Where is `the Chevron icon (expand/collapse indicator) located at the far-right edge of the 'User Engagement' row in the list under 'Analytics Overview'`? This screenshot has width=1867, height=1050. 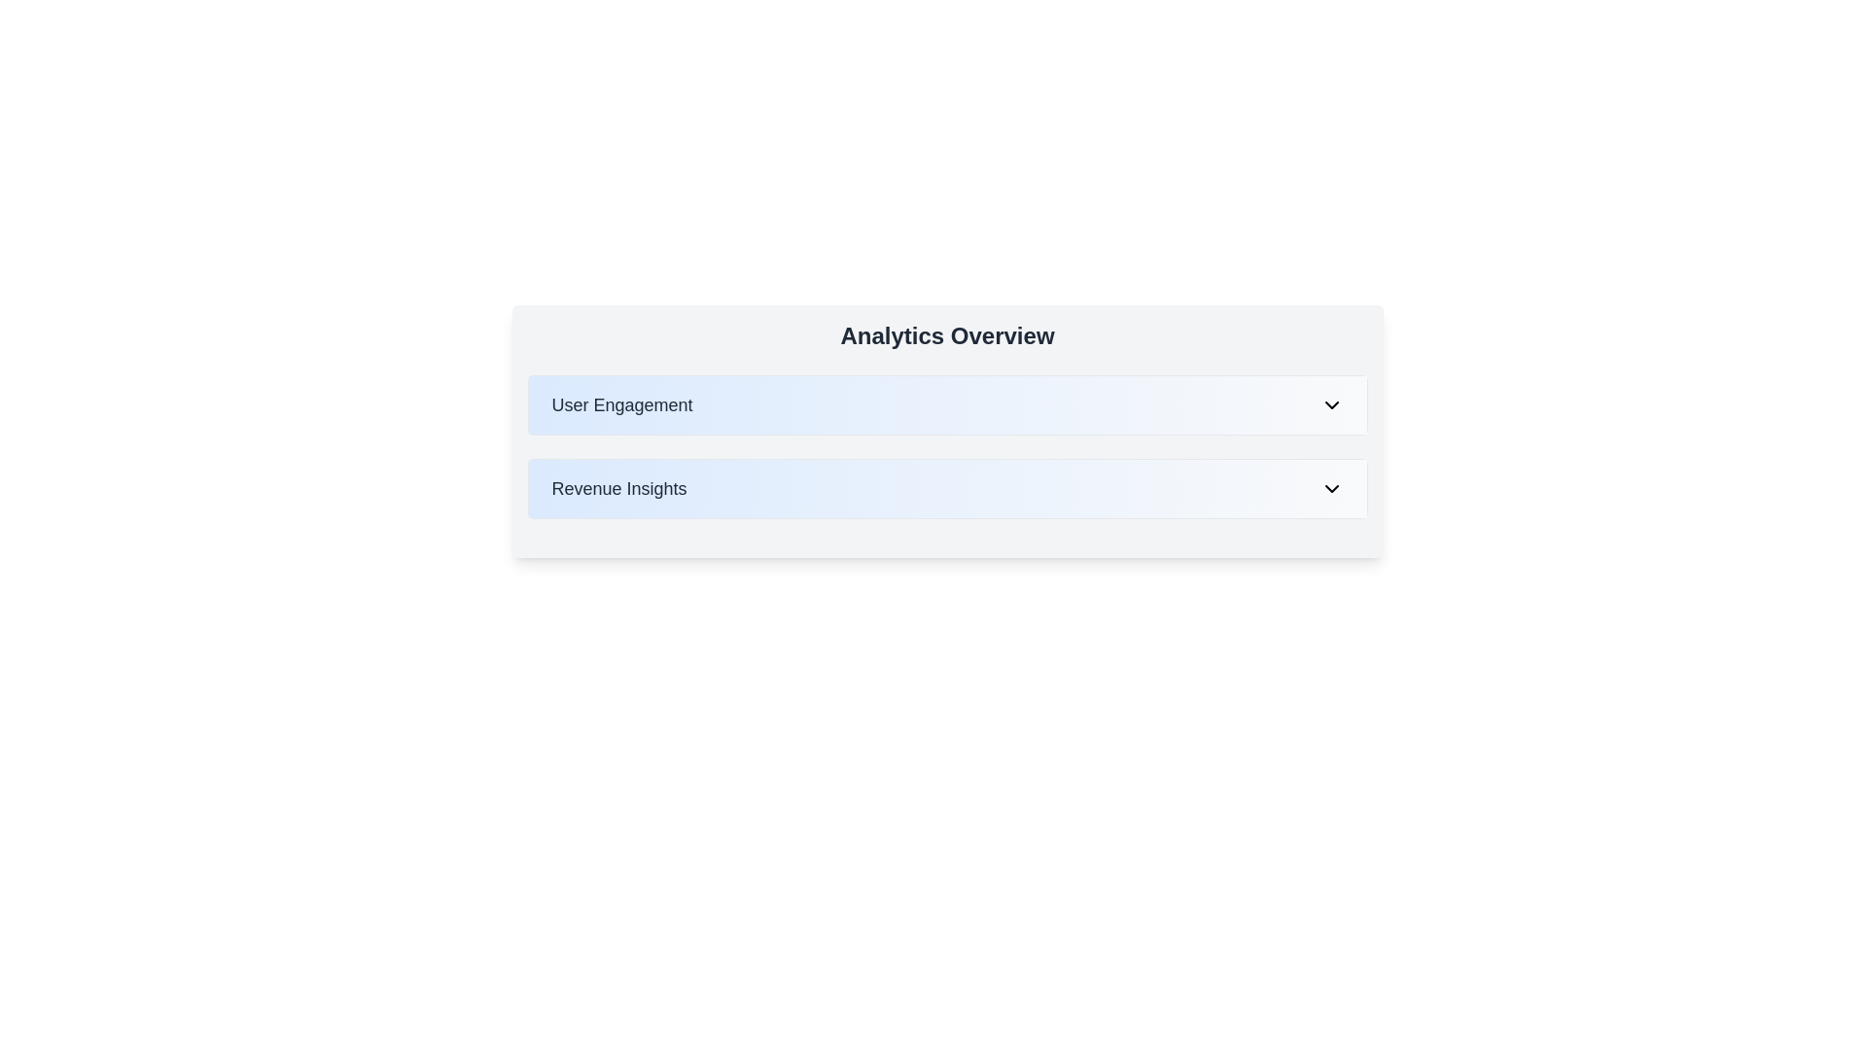 the Chevron icon (expand/collapse indicator) located at the far-right edge of the 'User Engagement' row in the list under 'Analytics Overview' is located at coordinates (1330, 403).